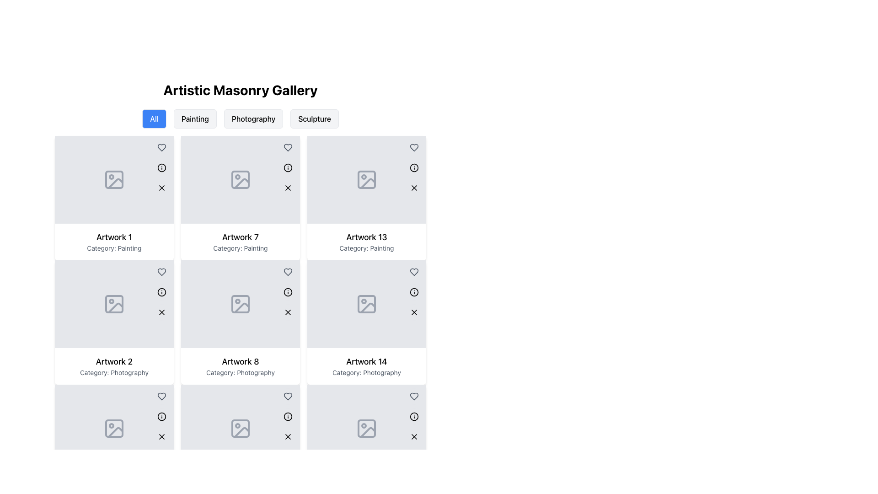 Image resolution: width=878 pixels, height=494 pixels. Describe the element at coordinates (162, 167) in the screenshot. I see `the information icon located in the top-right area of the 'Artwork 1' card` at that location.